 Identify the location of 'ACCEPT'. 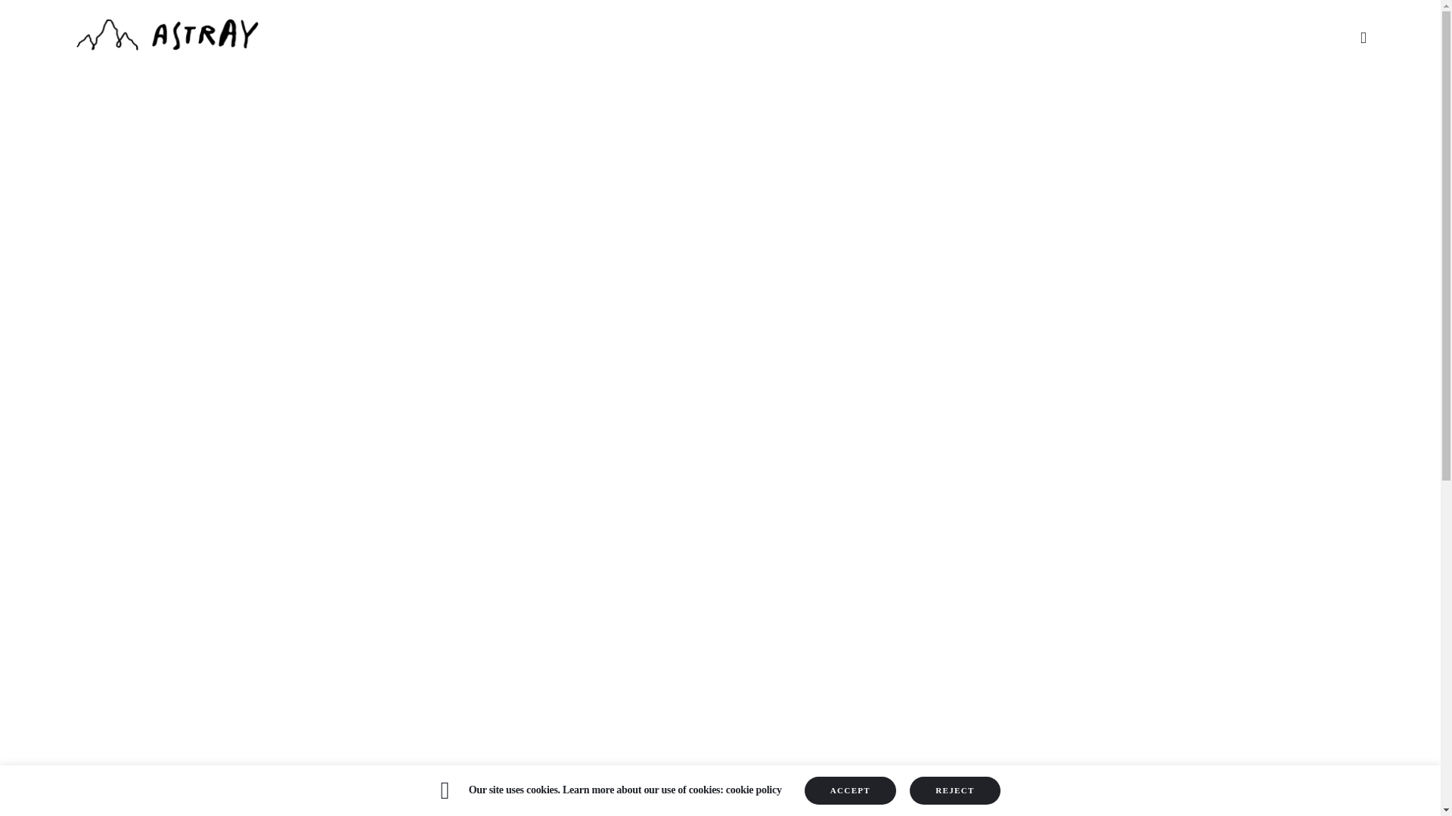
(850, 790).